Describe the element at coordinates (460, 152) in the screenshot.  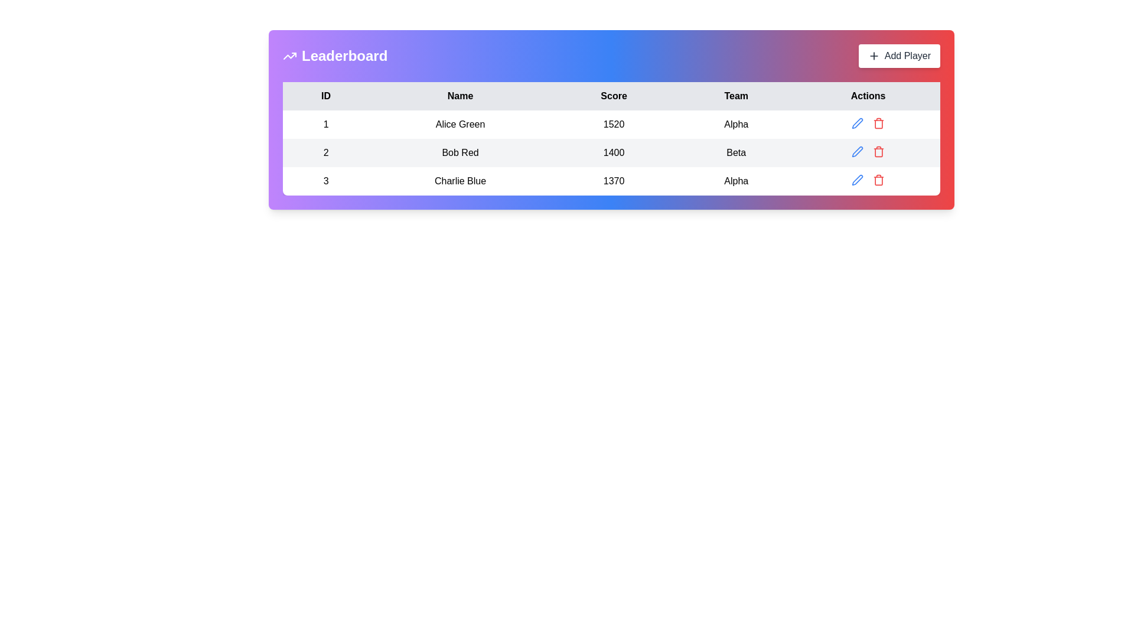
I see `the text label displaying the name of the participant associated with ID '2' in the leaderboard, located in the second column under the 'Name' header` at that location.